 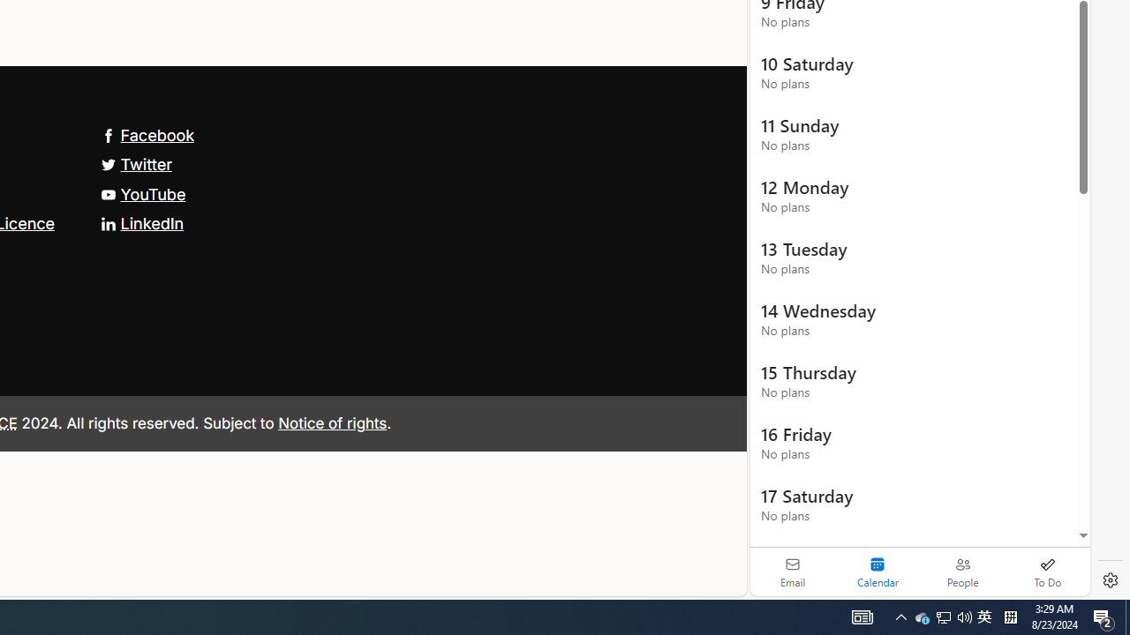 I want to click on 'Email', so click(x=792, y=571).